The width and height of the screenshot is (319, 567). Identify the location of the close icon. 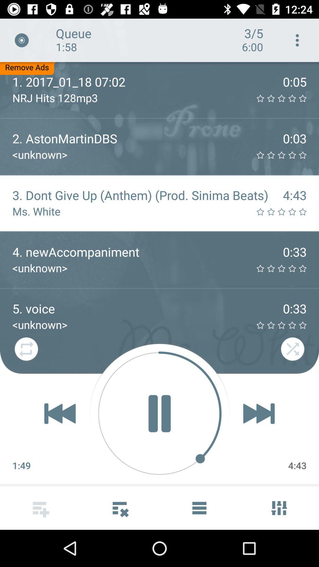
(21, 40).